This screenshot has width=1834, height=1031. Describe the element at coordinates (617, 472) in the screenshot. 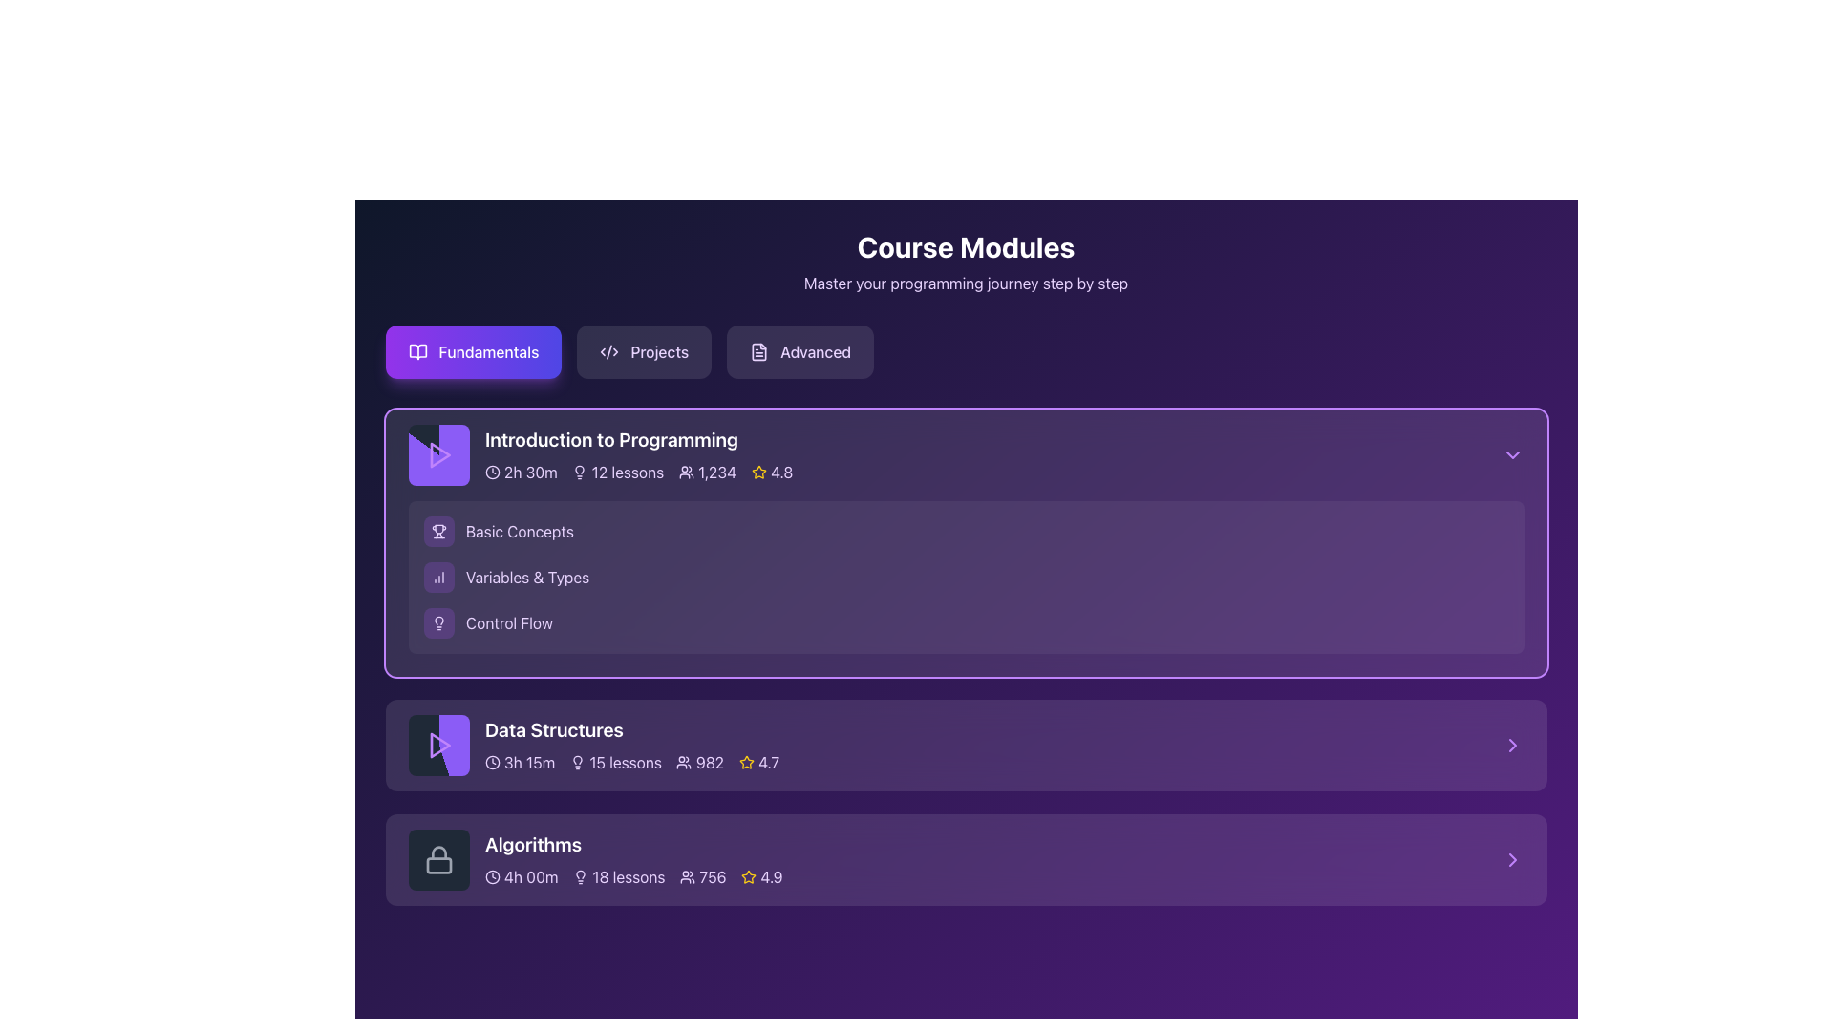

I see `the text displaying the lesson count in the 'Introduction to Programming' module, located between the duration and a statistic, which is a static, non-interactive display` at that location.